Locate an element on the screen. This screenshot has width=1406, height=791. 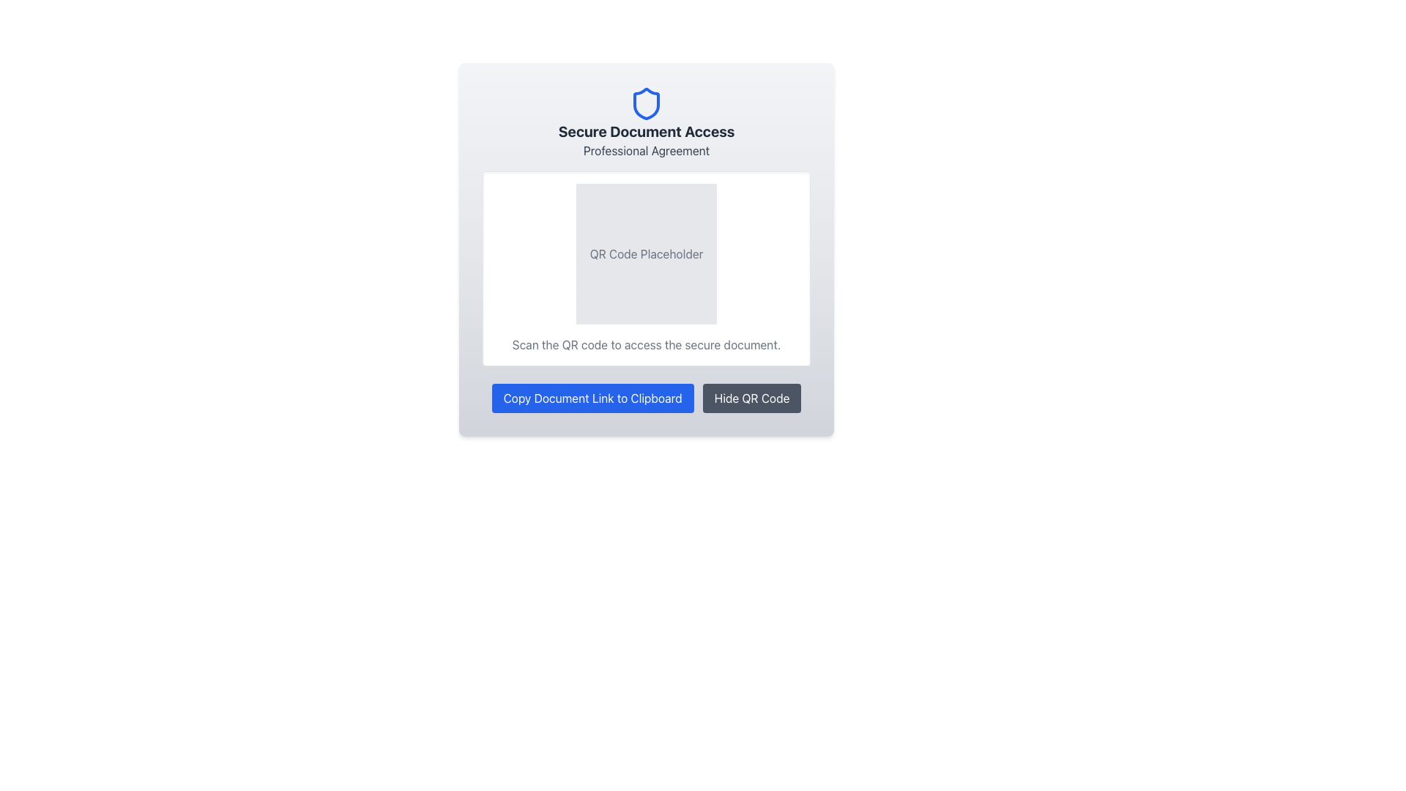
the button below the QR code placeholder to hide the displayed QR code is located at coordinates (752, 398).